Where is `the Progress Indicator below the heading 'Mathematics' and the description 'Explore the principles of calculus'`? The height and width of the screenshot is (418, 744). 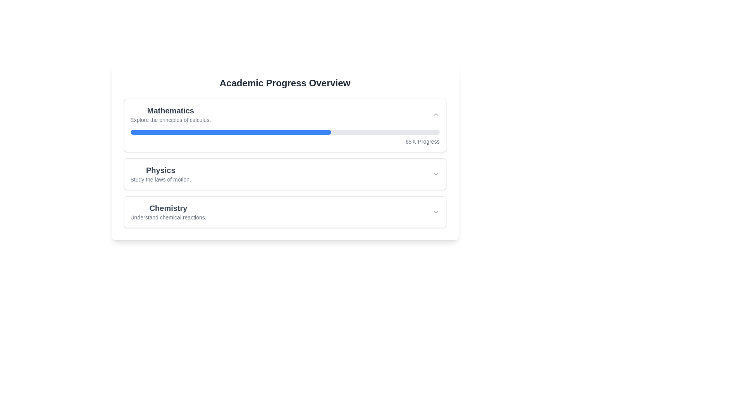
the Progress Indicator below the heading 'Mathematics' and the description 'Explore the principles of calculus' is located at coordinates (284, 137).